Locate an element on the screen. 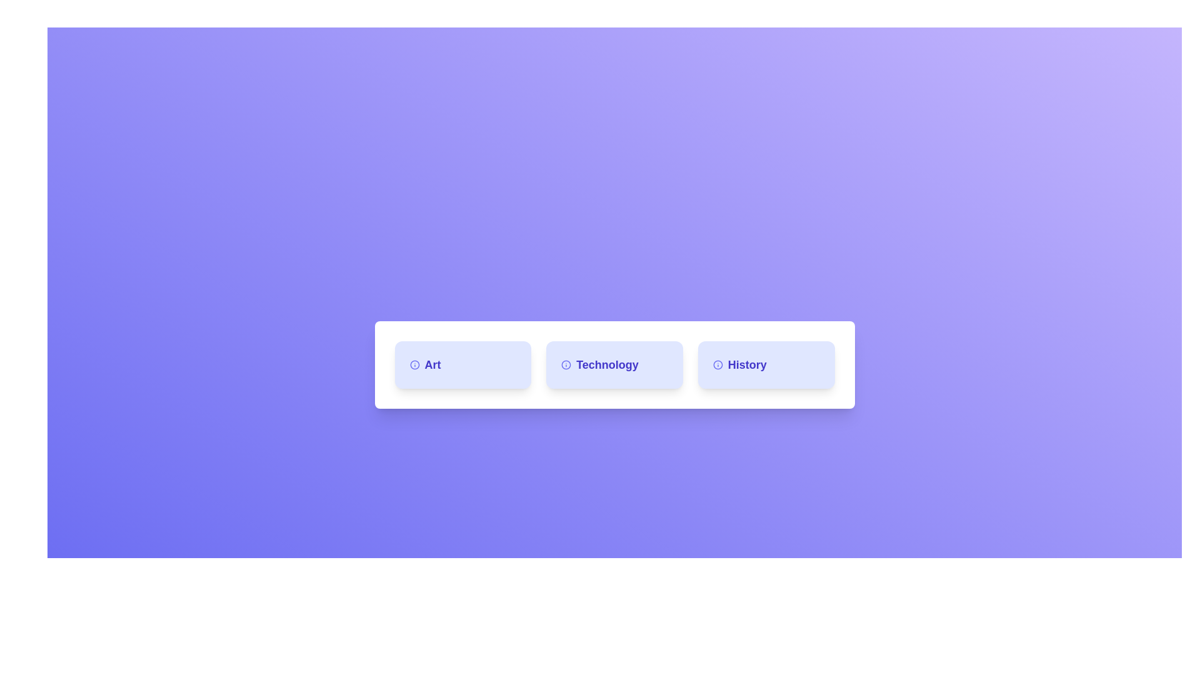 This screenshot has width=1200, height=675. the 'History' button located at the rightmost position in the set of three buttons labeled 'Art,' 'Technology,' and 'History' is located at coordinates (766, 364).